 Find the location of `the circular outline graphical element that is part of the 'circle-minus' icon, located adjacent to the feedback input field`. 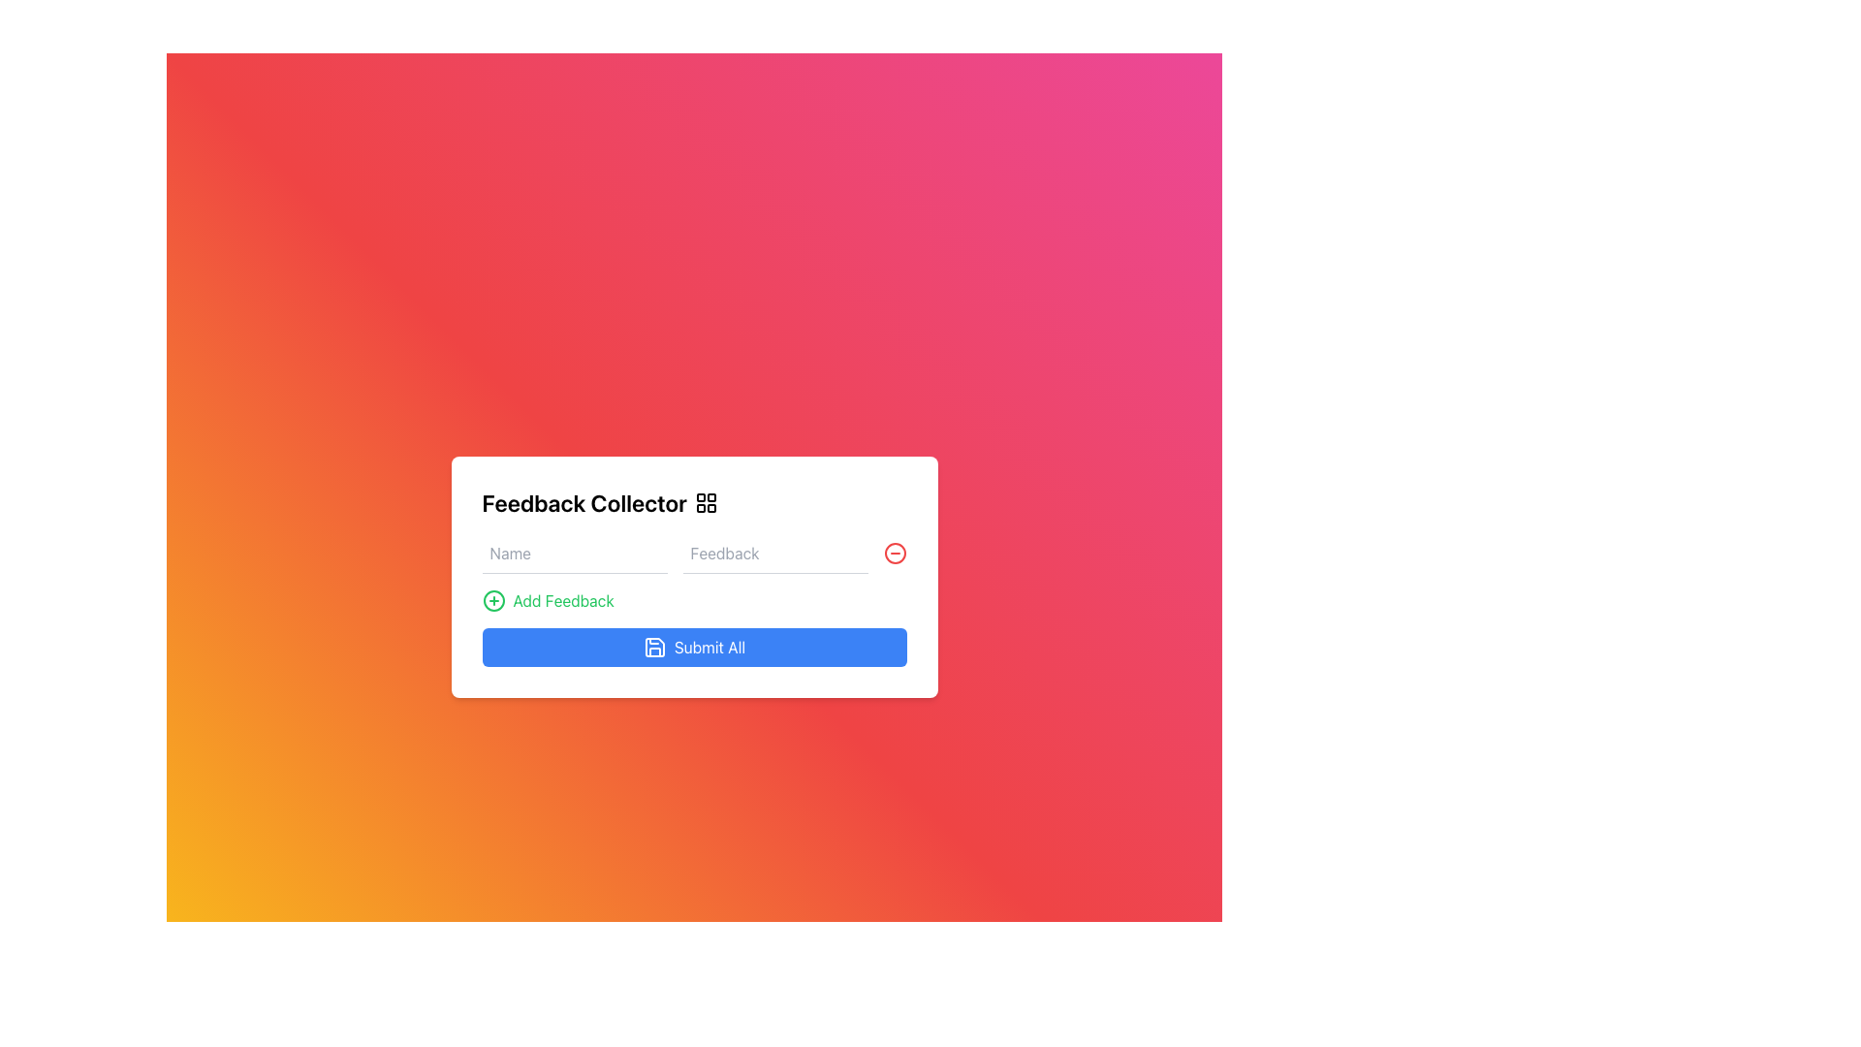

the circular outline graphical element that is part of the 'circle-minus' icon, located adjacent to the feedback input field is located at coordinates (894, 553).